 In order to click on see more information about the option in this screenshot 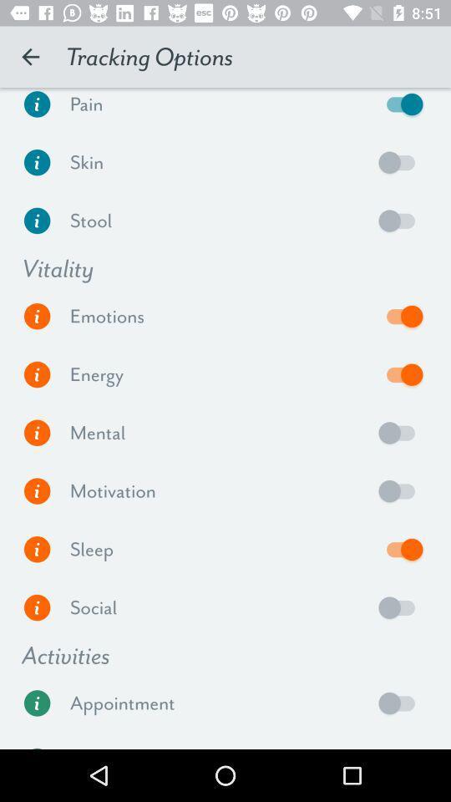, I will do `click(37, 702)`.